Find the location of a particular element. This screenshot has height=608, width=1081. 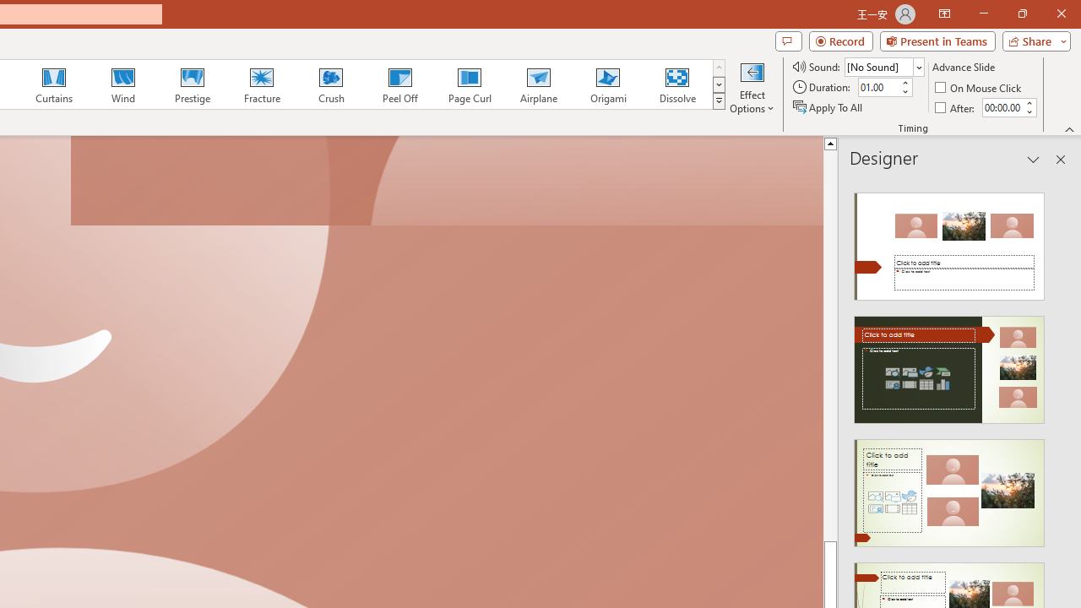

'Row Down' is located at coordinates (719, 84).